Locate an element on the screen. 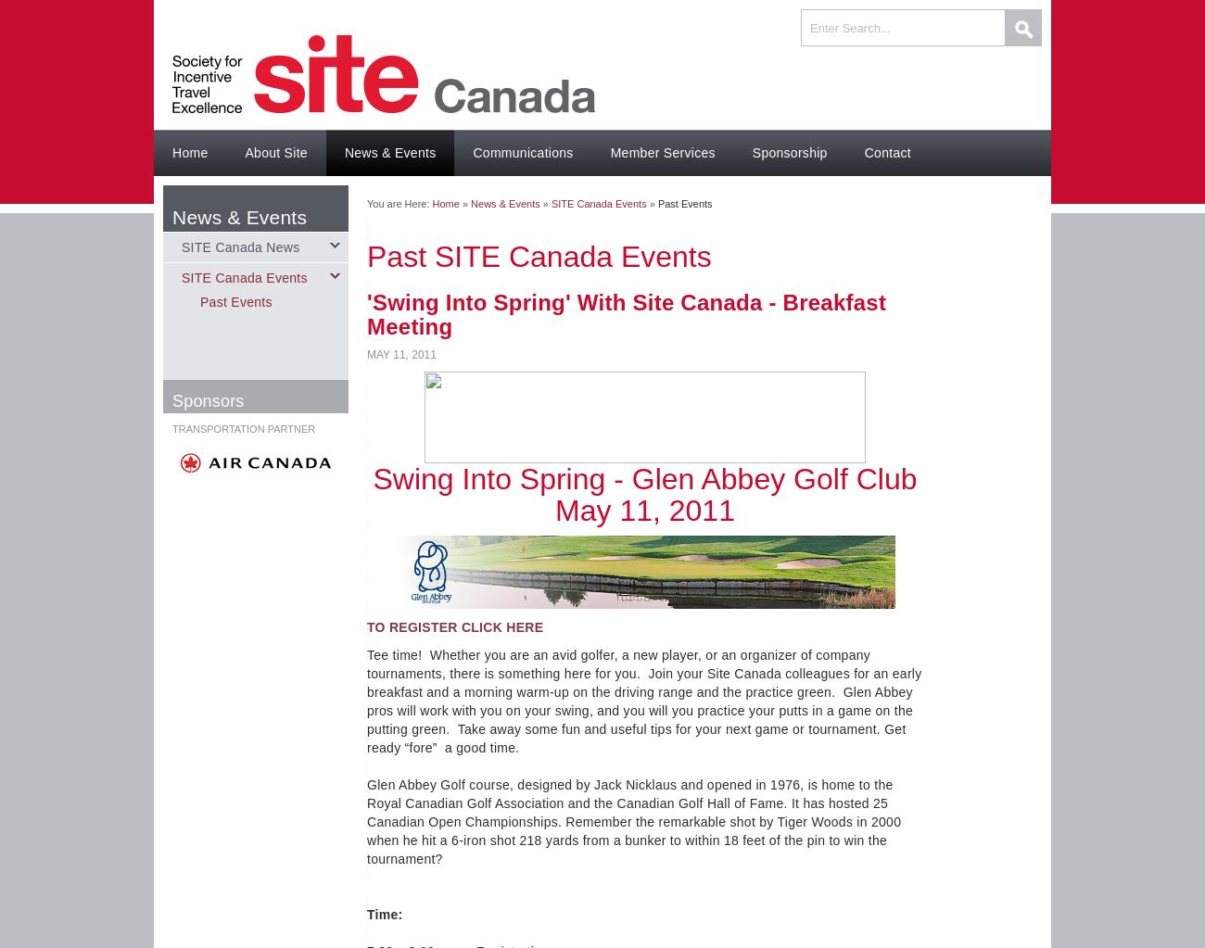  'Home' is located at coordinates (444, 203).